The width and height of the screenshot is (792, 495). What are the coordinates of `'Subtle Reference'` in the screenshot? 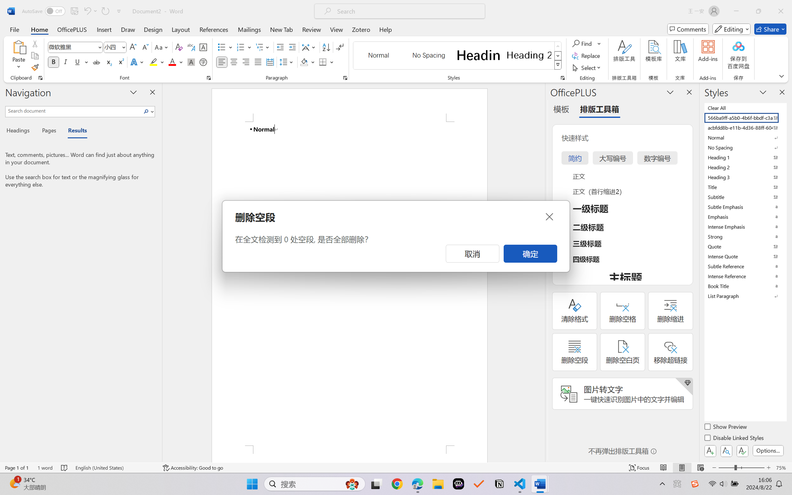 It's located at (745, 266).